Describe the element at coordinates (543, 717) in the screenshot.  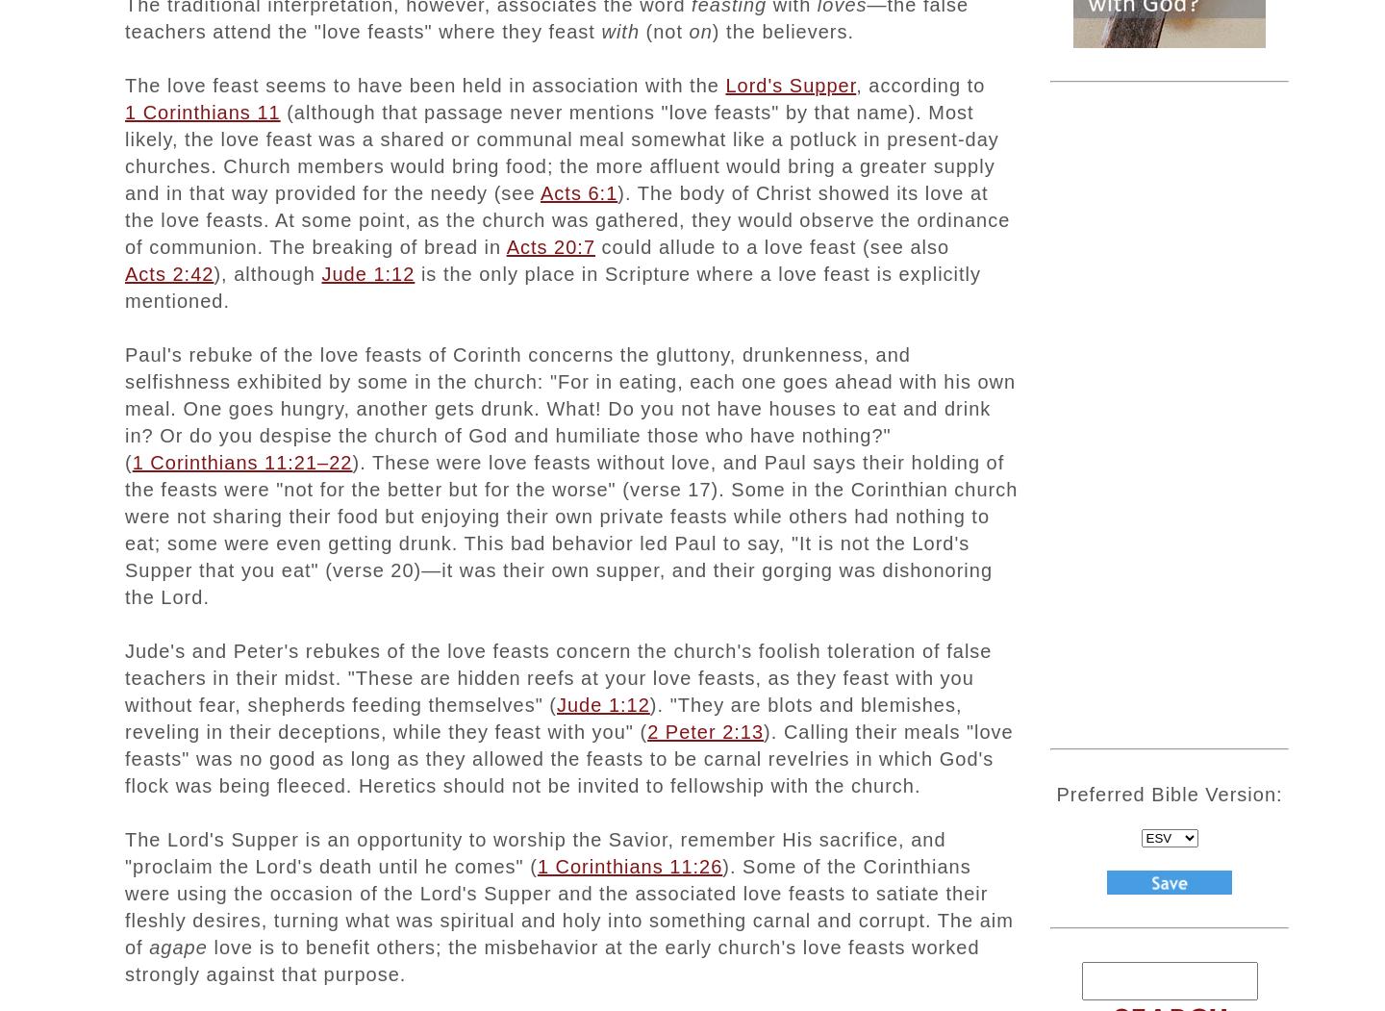
I see `'). "They are blots and blemishes, reveling in their deceptions, while they feast with you" ('` at that location.